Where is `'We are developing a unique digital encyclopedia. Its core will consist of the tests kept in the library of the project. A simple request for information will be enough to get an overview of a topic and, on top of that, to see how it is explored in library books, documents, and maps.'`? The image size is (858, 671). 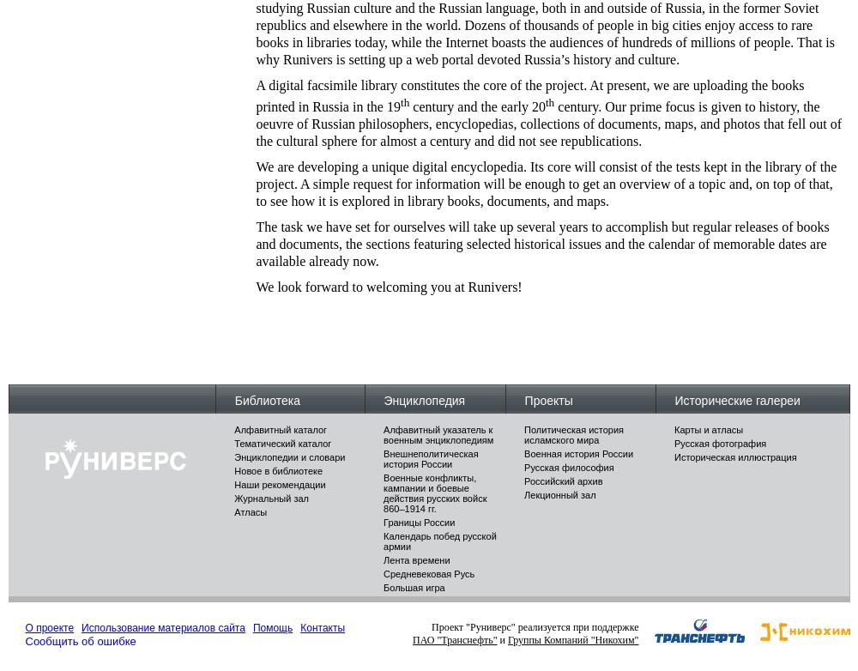 'We are developing a unique digital encyclopedia. Its core will consist of the tests kept in the library of the project. A simple request for information will be enough to get an overview of a topic and, on top of that, to see how it is explored in library books, documents, and maps.' is located at coordinates (546, 183).